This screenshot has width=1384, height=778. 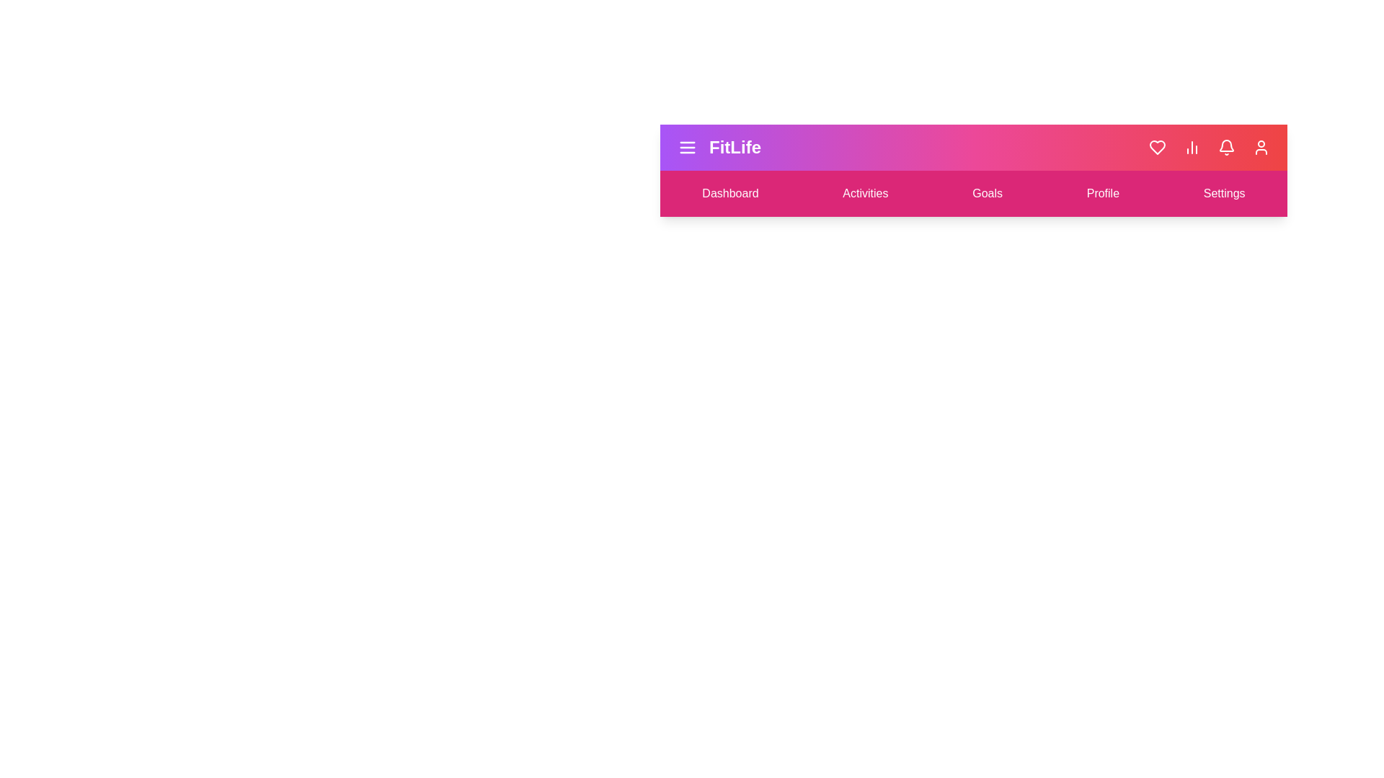 What do you see at coordinates (1158, 147) in the screenshot?
I see `the heart icon to mark it as a favorite` at bounding box center [1158, 147].